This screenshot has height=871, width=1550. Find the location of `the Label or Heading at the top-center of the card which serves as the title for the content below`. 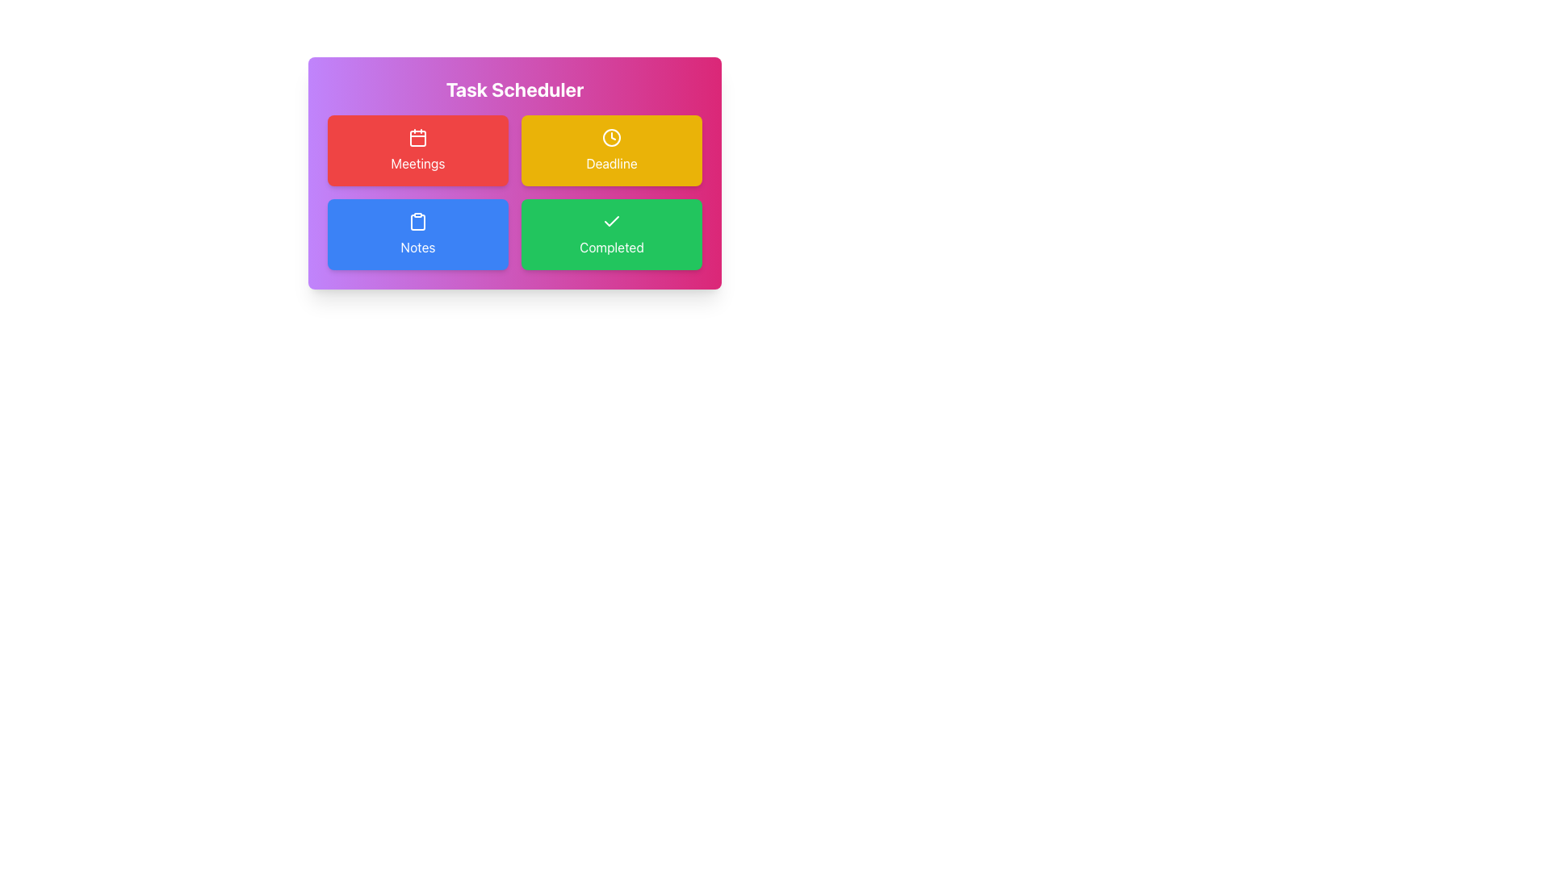

the Label or Heading at the top-center of the card which serves as the title for the content below is located at coordinates (514, 90).